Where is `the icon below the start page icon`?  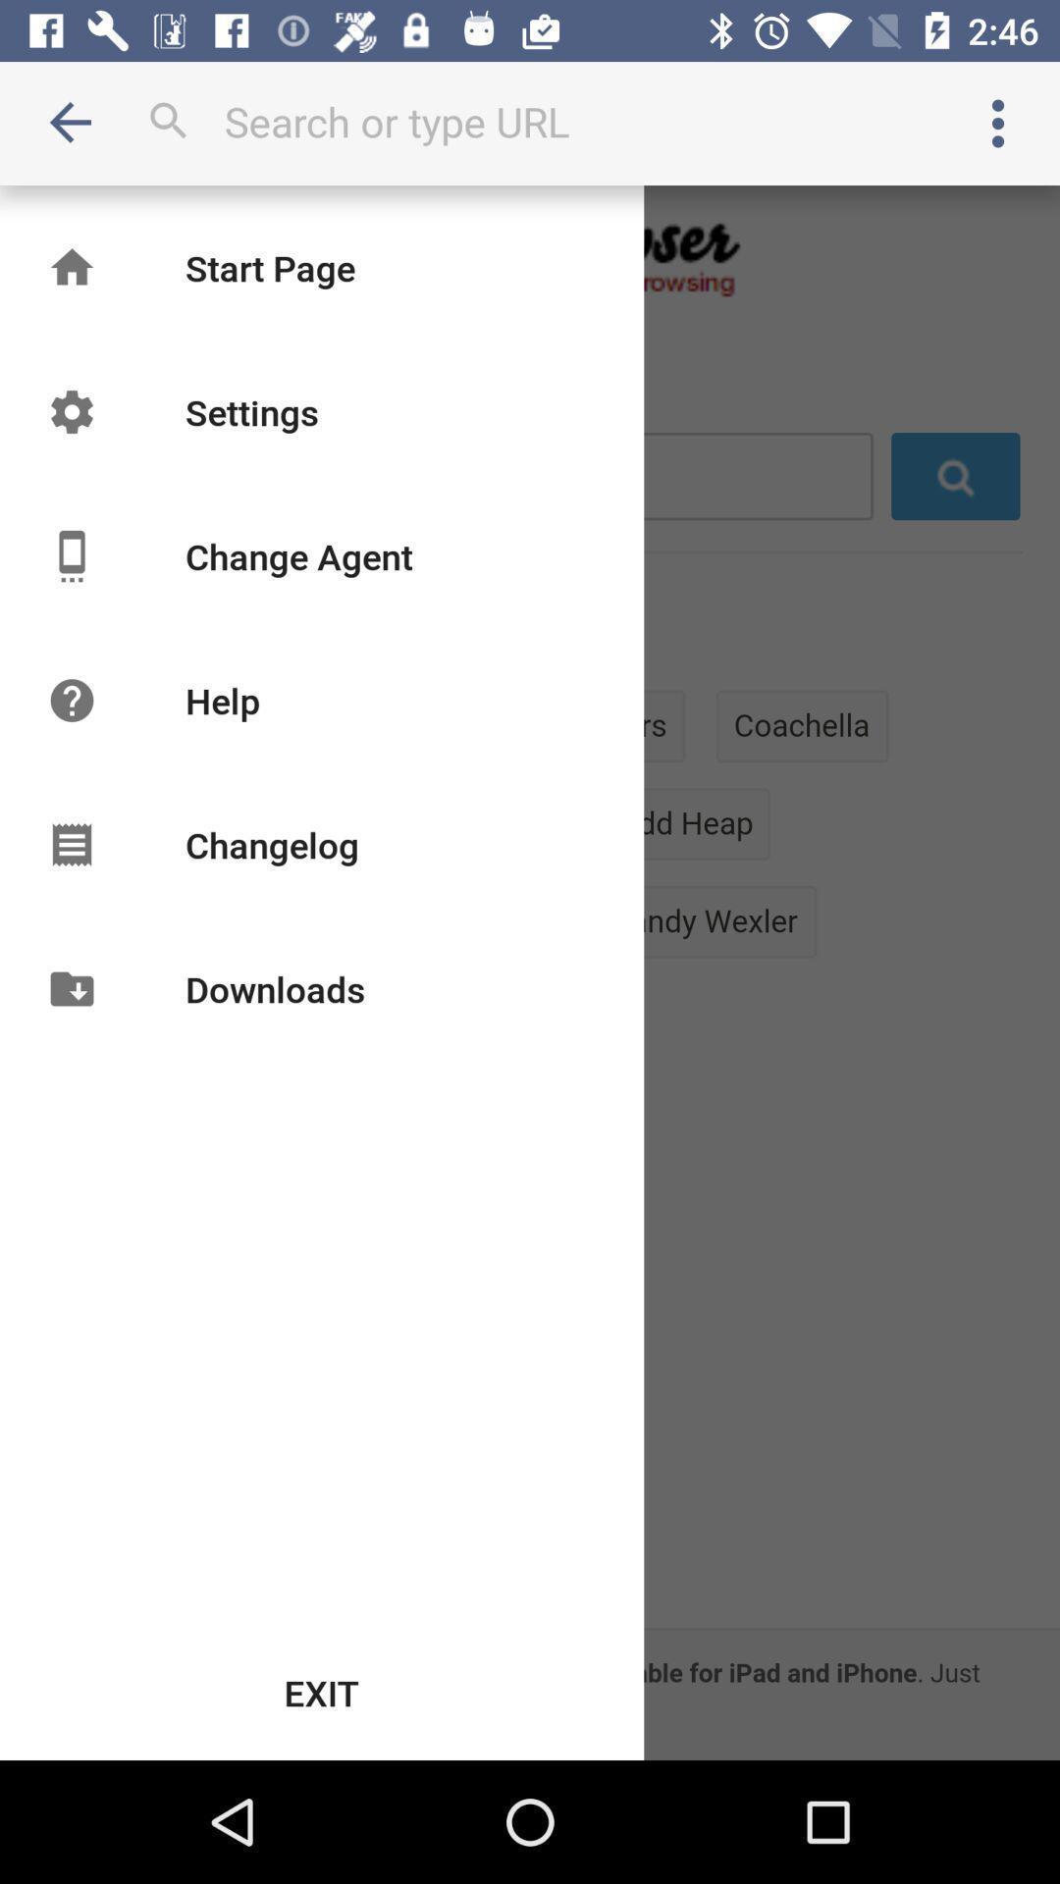 the icon below the start page icon is located at coordinates (250, 411).